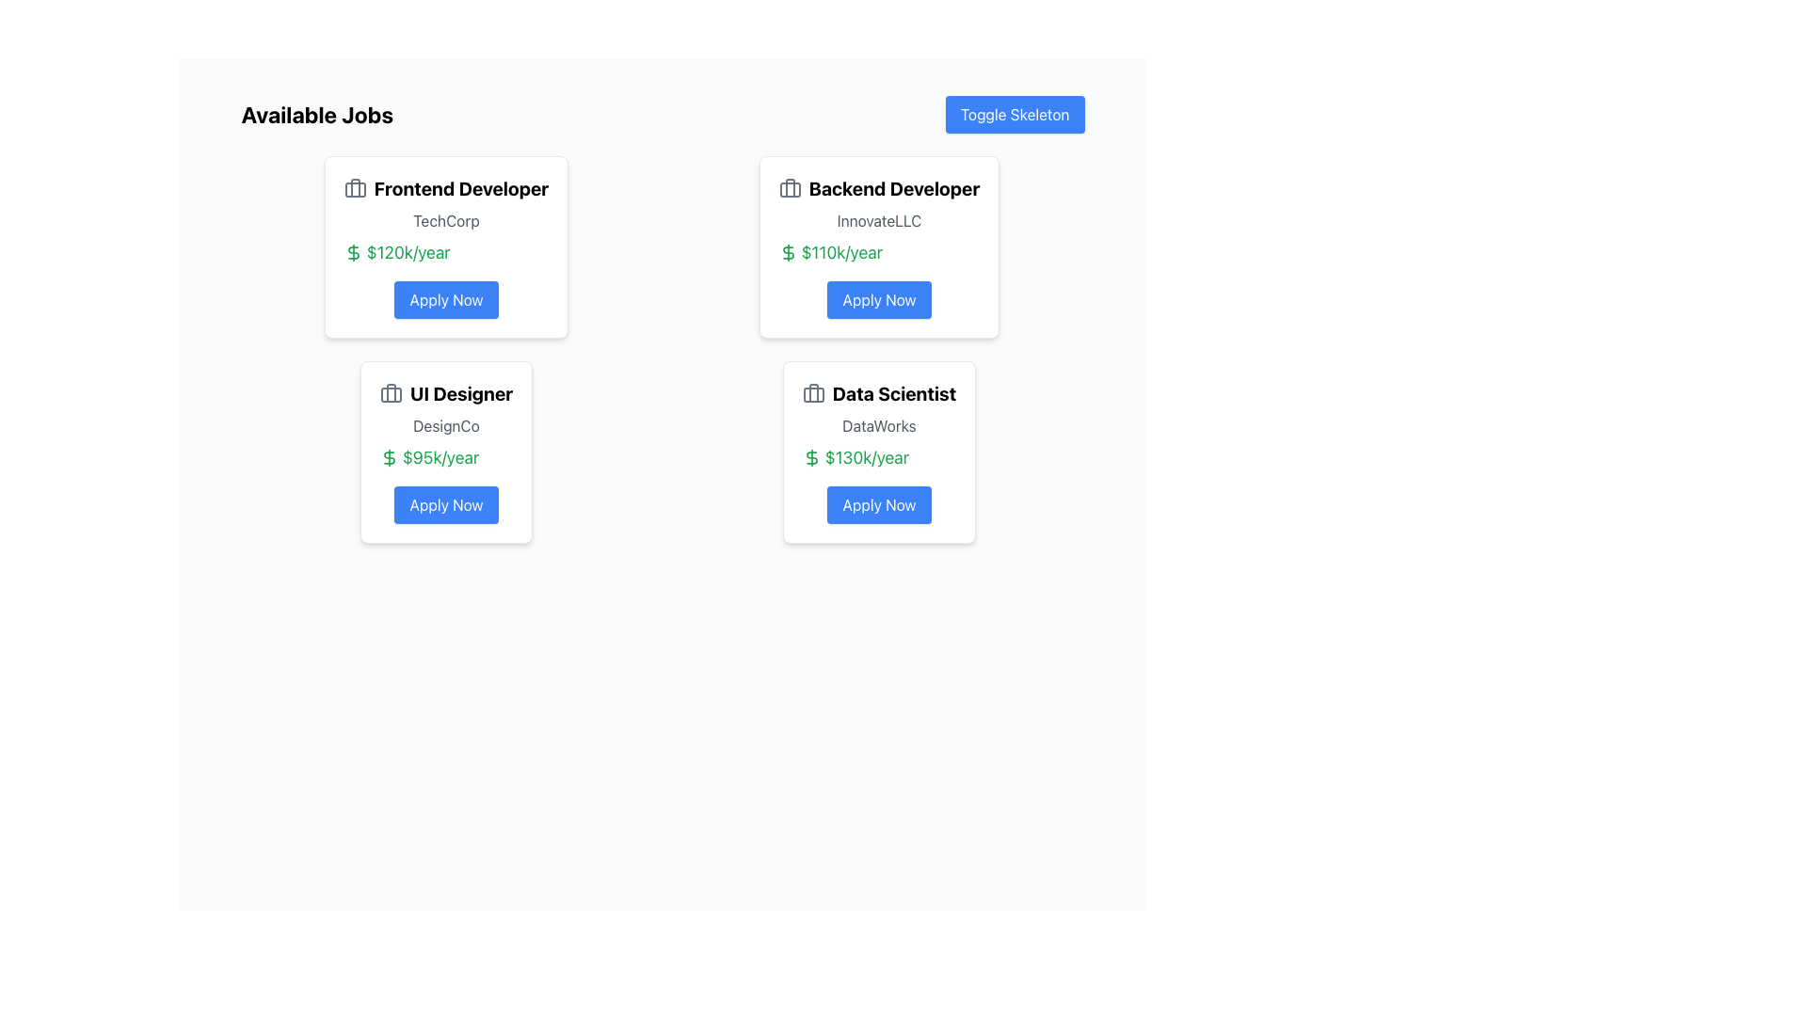  I want to click on the Text and Icon Combination element that displays the job title in the bottom-right section of the job card, so click(878, 393).